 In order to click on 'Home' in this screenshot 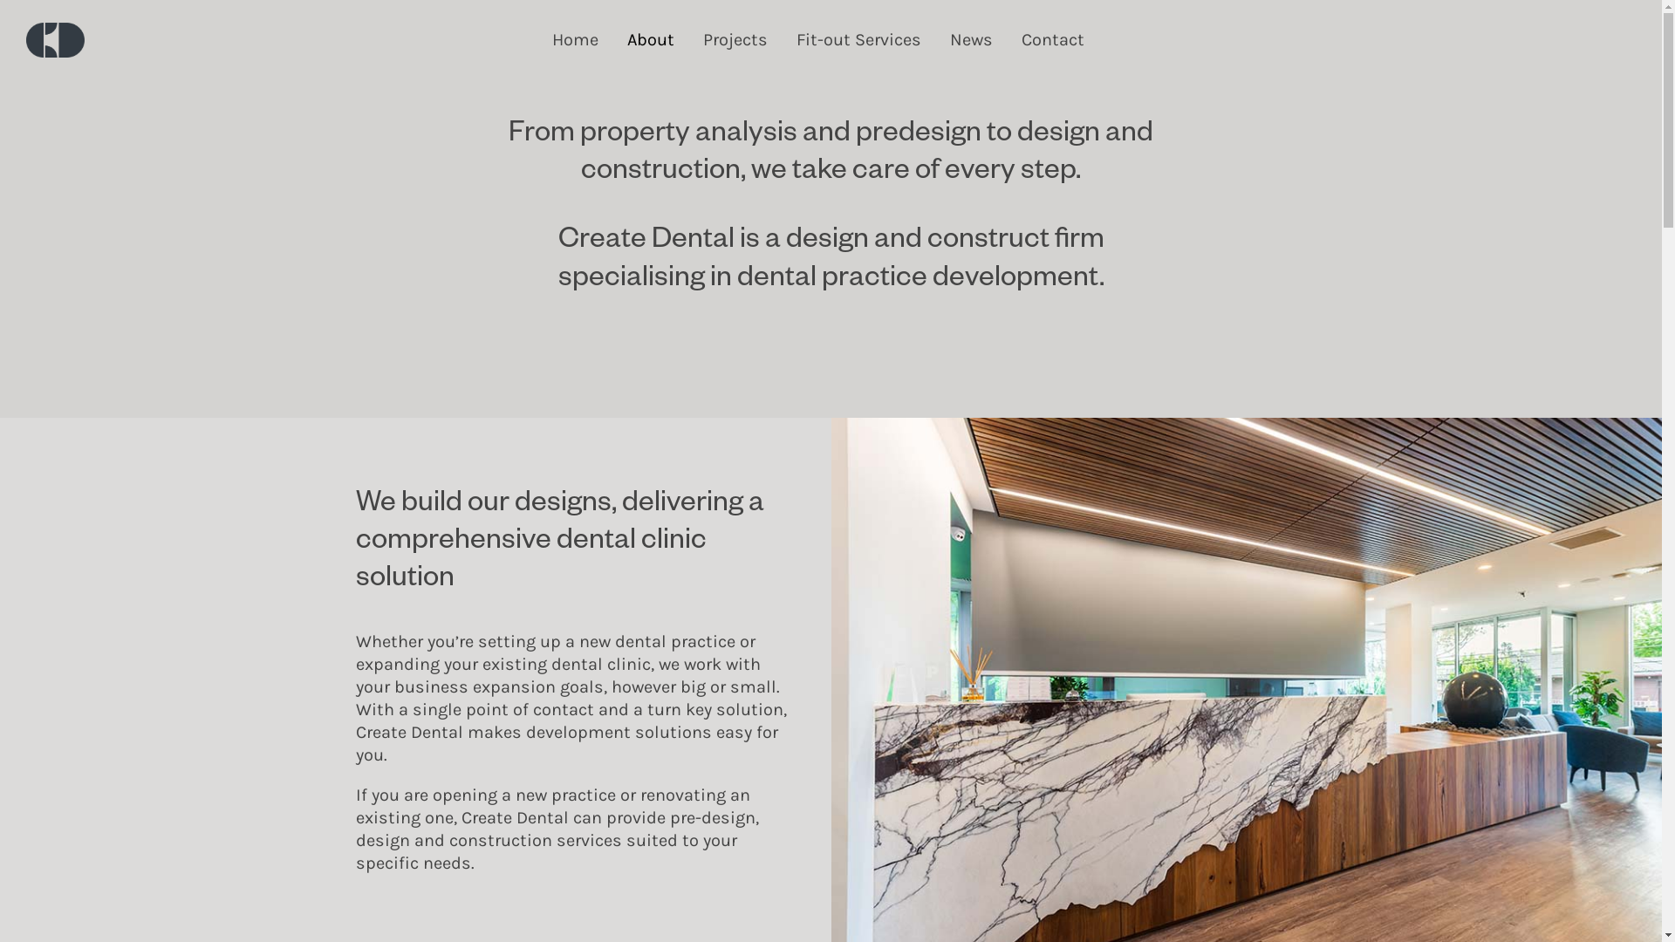, I will do `click(574, 39)`.